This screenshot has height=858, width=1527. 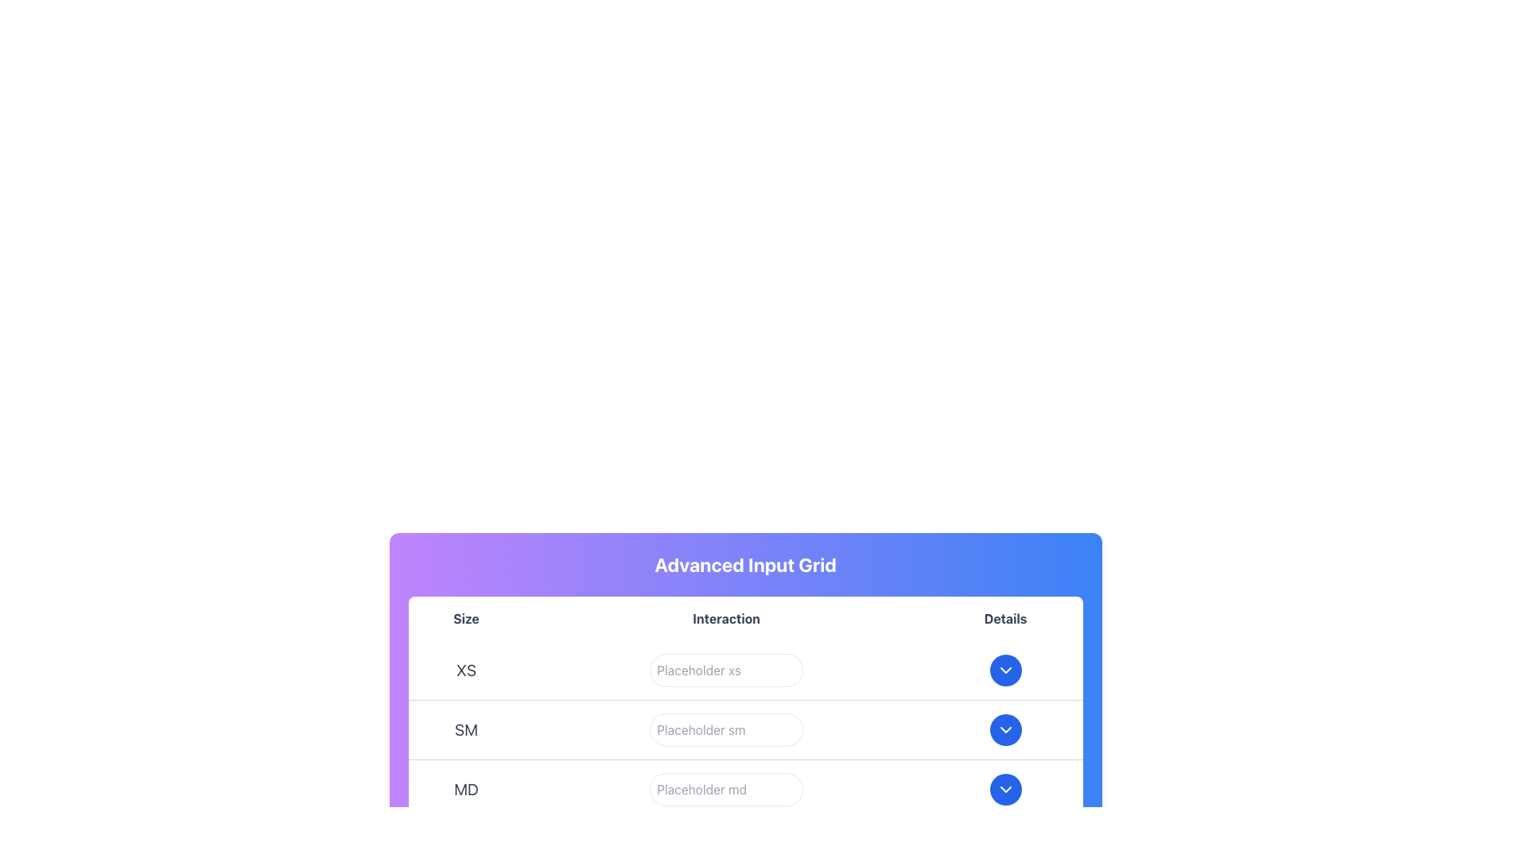 What do you see at coordinates (725, 729) in the screenshot?
I see `the text input field` at bounding box center [725, 729].